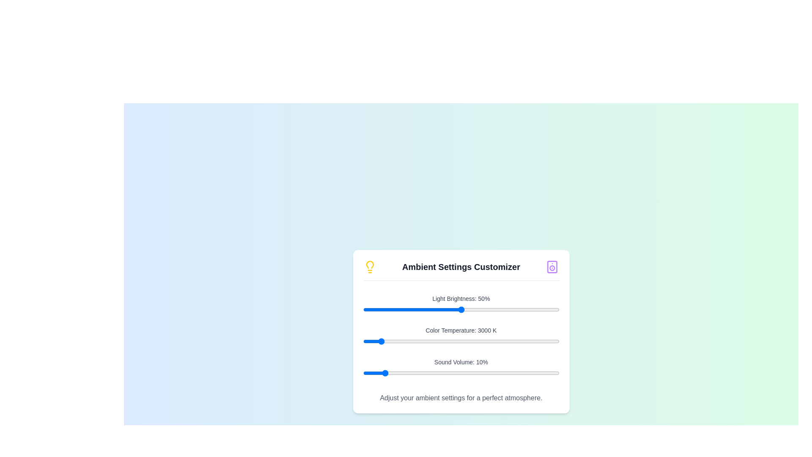 This screenshot has height=457, width=812. I want to click on the lightbulb icon on the leftmost side of the header row in the 'Ambient Settings Customizer' section, so click(370, 267).